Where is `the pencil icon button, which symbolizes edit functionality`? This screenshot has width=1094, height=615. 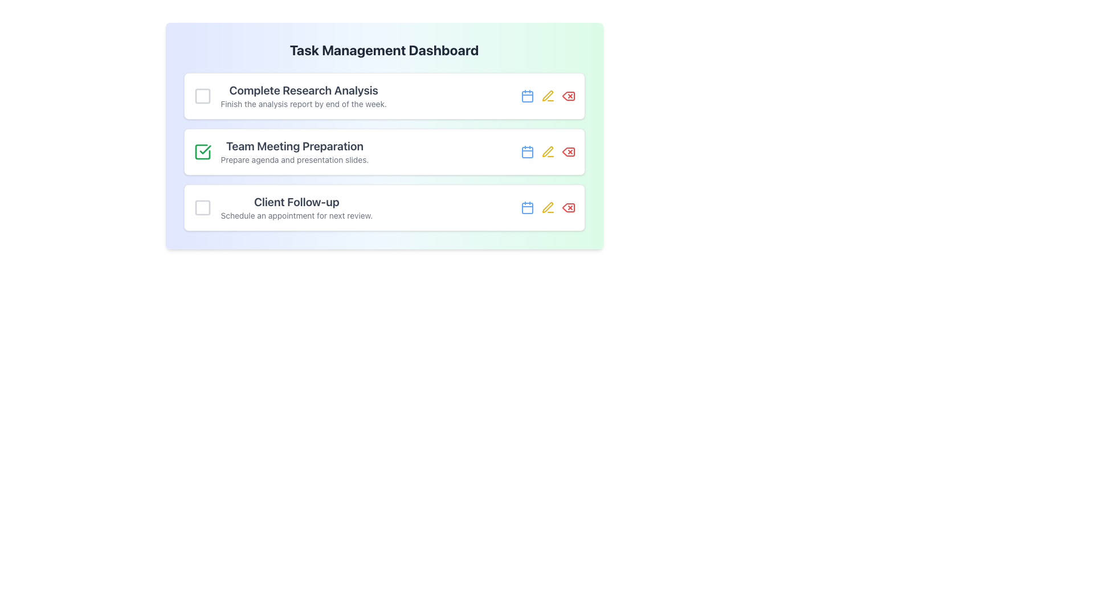 the pencil icon button, which symbolizes edit functionality is located at coordinates (547, 95).